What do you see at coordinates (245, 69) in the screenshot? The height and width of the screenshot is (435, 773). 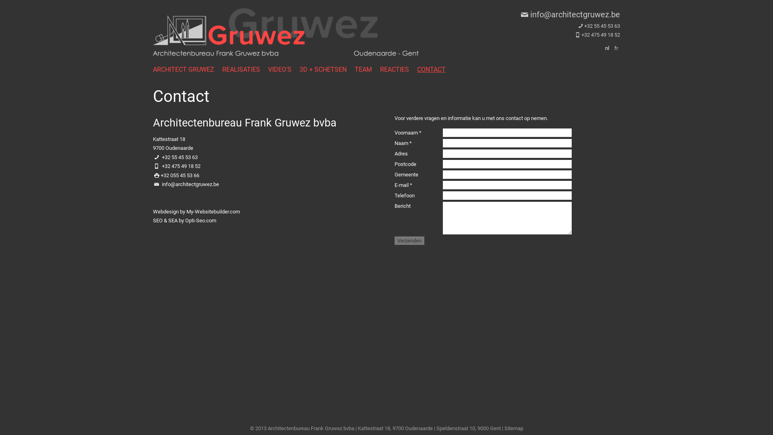 I see `'REALISATIES'` at bounding box center [245, 69].